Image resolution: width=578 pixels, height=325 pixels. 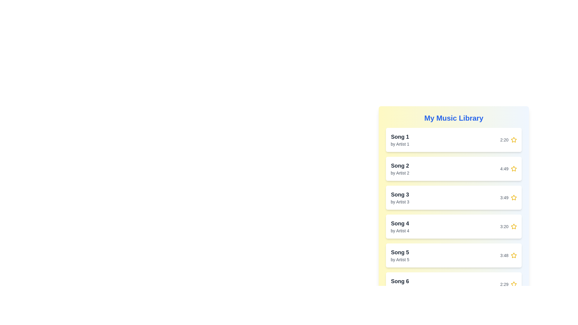 What do you see at coordinates (454, 118) in the screenshot?
I see `the static text heading that serves as the title for the music library section, positioned at the top of the song list` at bounding box center [454, 118].